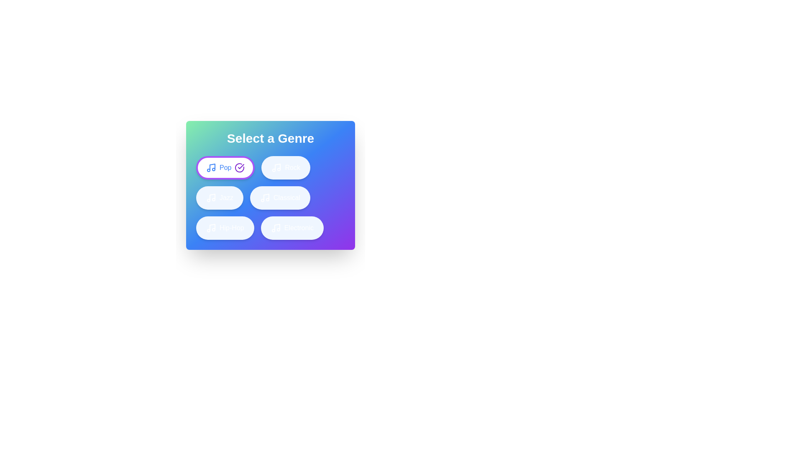 The width and height of the screenshot is (803, 452). Describe the element at coordinates (211, 168) in the screenshot. I see `the icon representing the 'Pop' music genre, which is located at the top-left corner of the genre selection buttons` at that location.